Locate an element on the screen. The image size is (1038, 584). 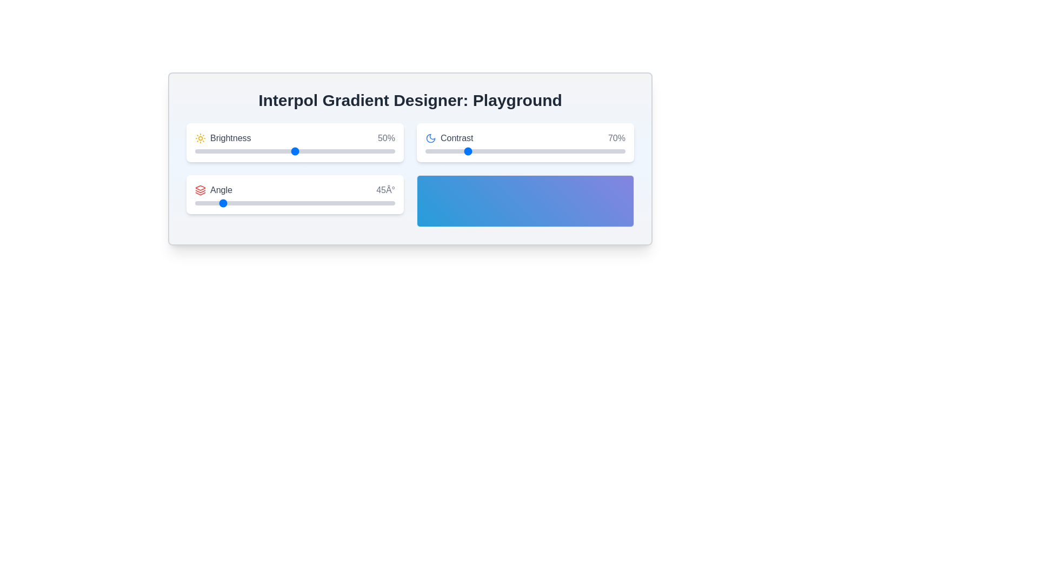
the moon icon representing night mode or contrast setting, which is located to the left of the 'Contrast' label is located at coordinates (430, 137).